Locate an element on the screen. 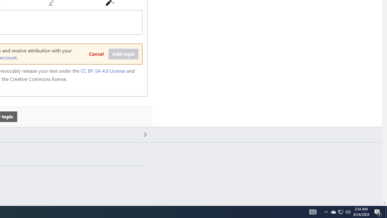  'Add topic' is located at coordinates (123, 54).